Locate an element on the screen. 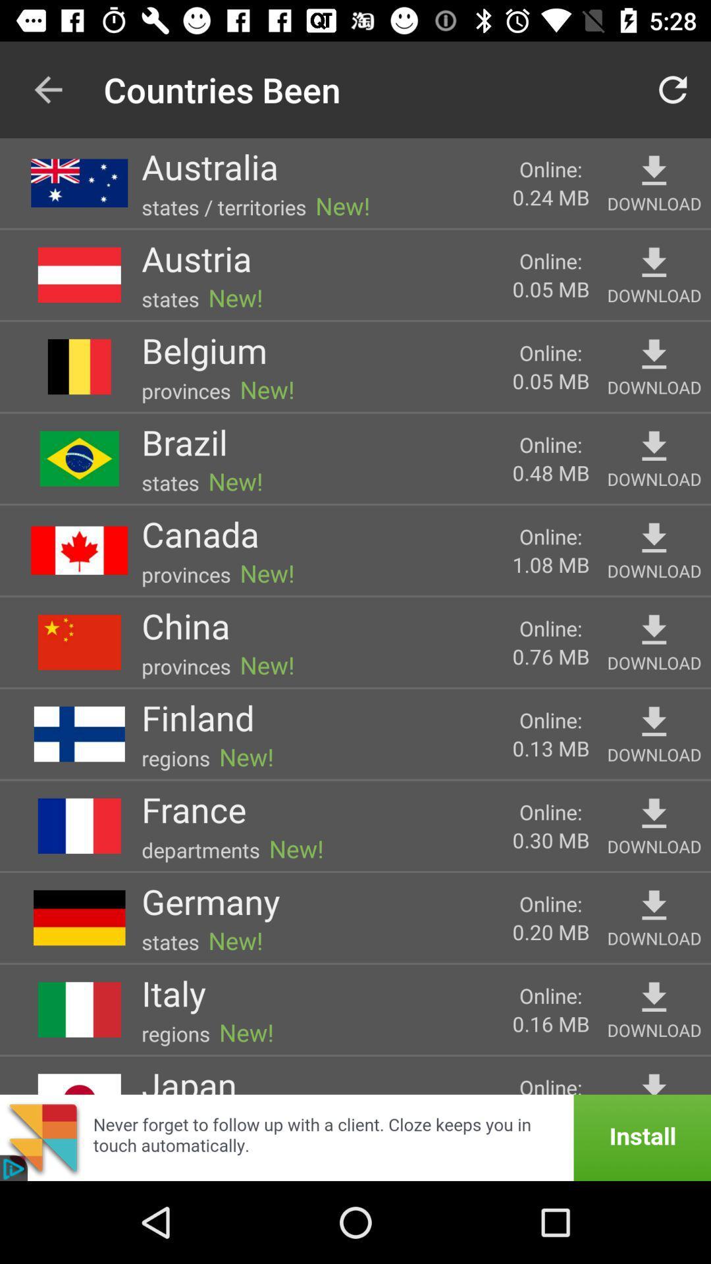 This screenshot has width=711, height=1264. download is located at coordinates (654, 813).